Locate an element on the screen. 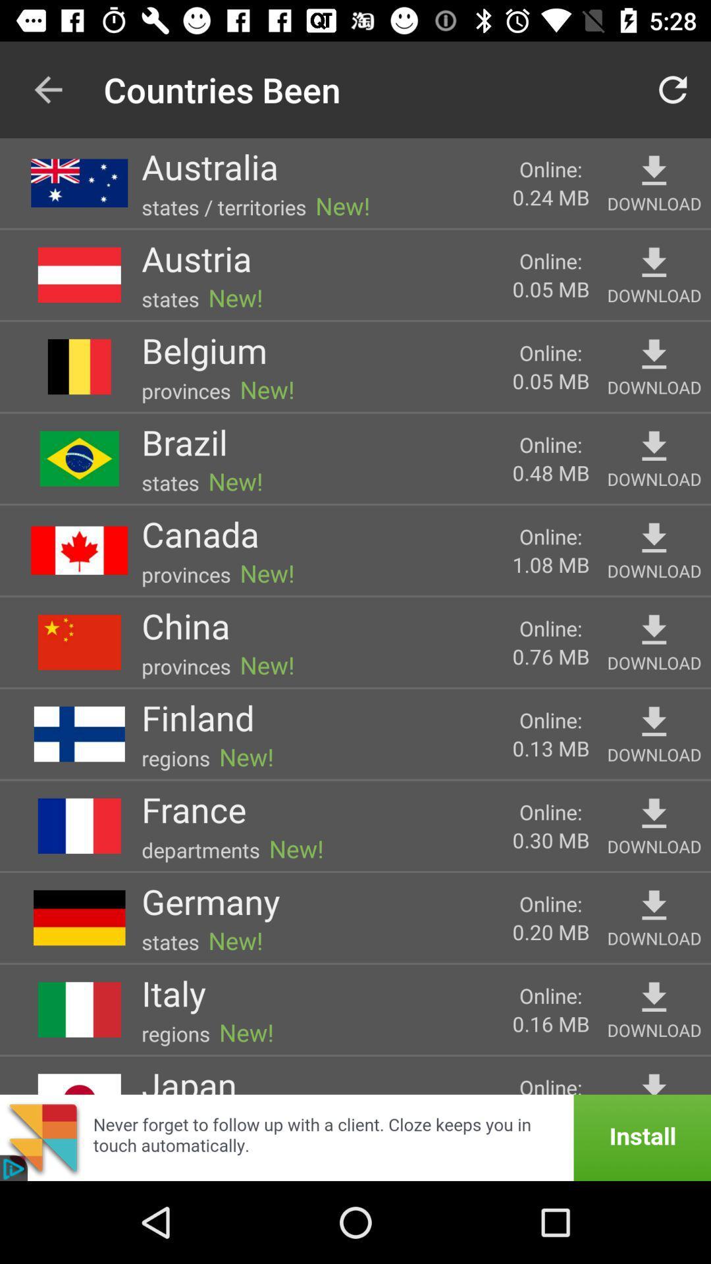 This screenshot has width=711, height=1264. download is located at coordinates (654, 813).